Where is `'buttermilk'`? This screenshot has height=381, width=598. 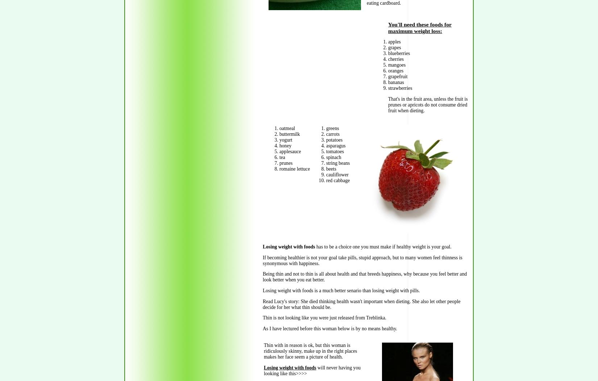 'buttermilk' is located at coordinates (289, 134).